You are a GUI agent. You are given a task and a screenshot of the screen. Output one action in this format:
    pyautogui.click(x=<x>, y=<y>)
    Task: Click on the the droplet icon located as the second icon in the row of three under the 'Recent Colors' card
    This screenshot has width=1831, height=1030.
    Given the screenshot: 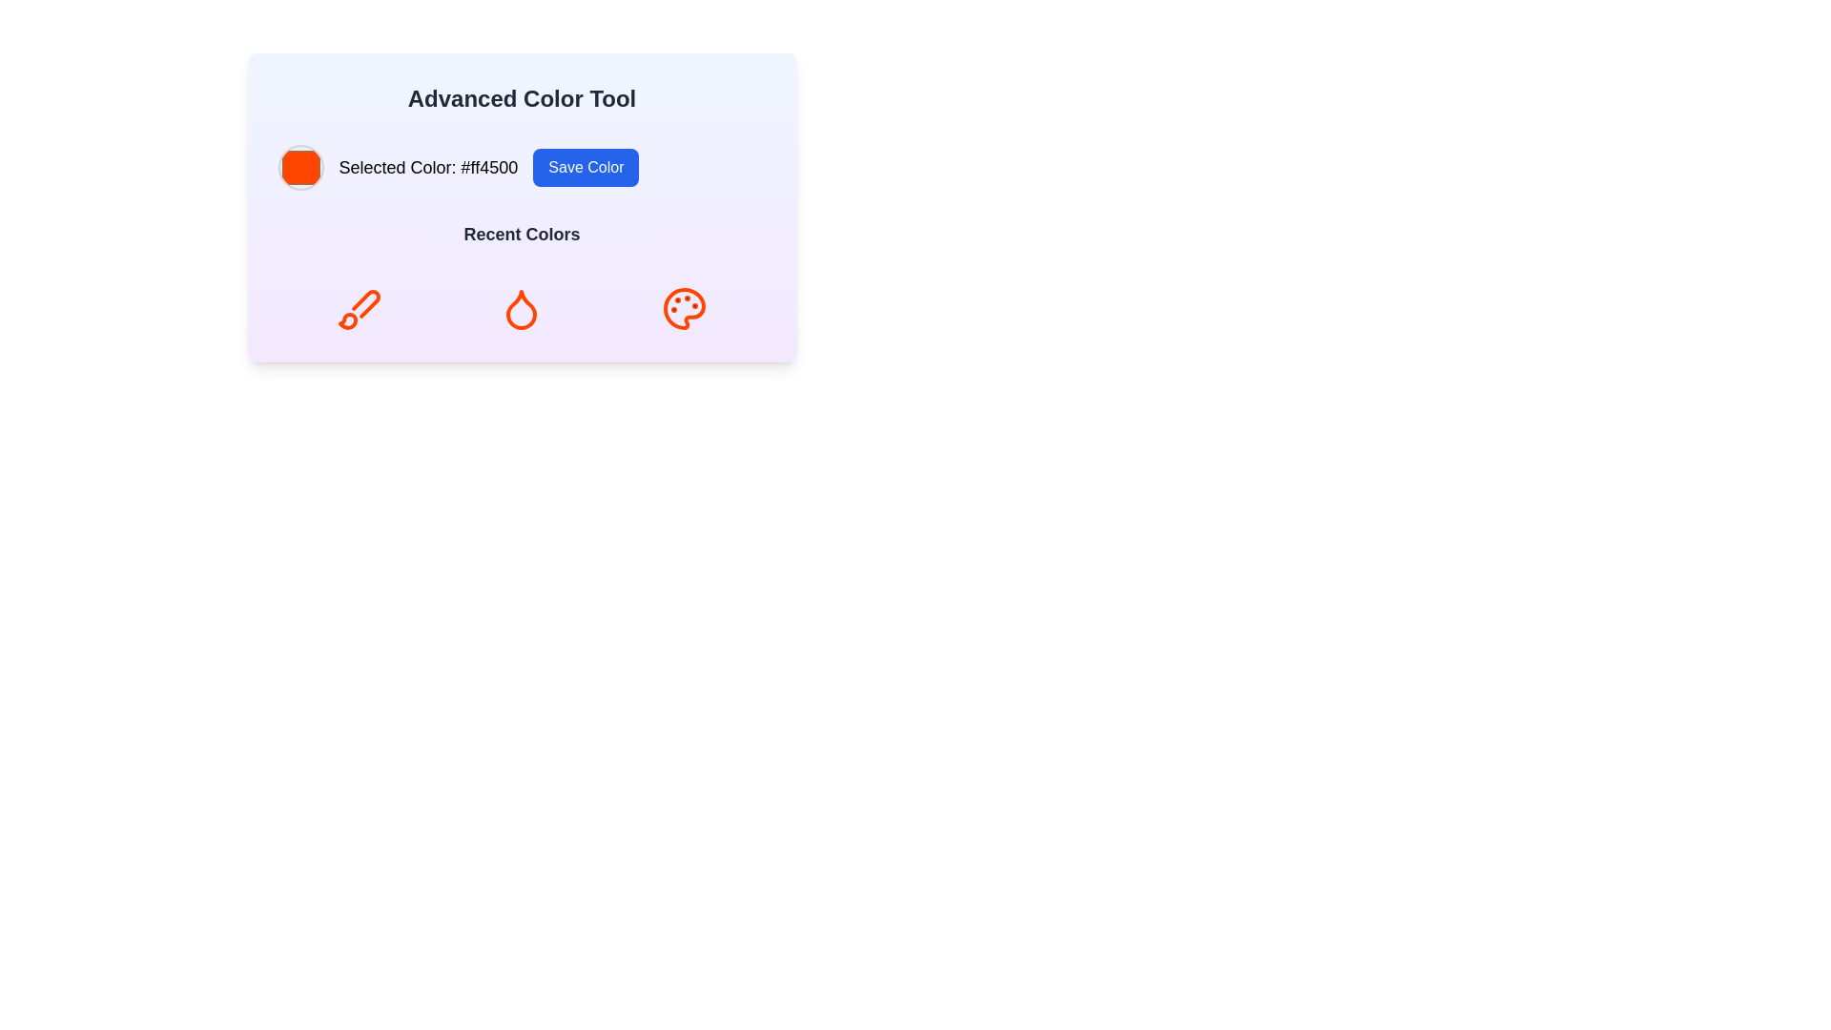 What is the action you would take?
    pyautogui.click(x=522, y=308)
    